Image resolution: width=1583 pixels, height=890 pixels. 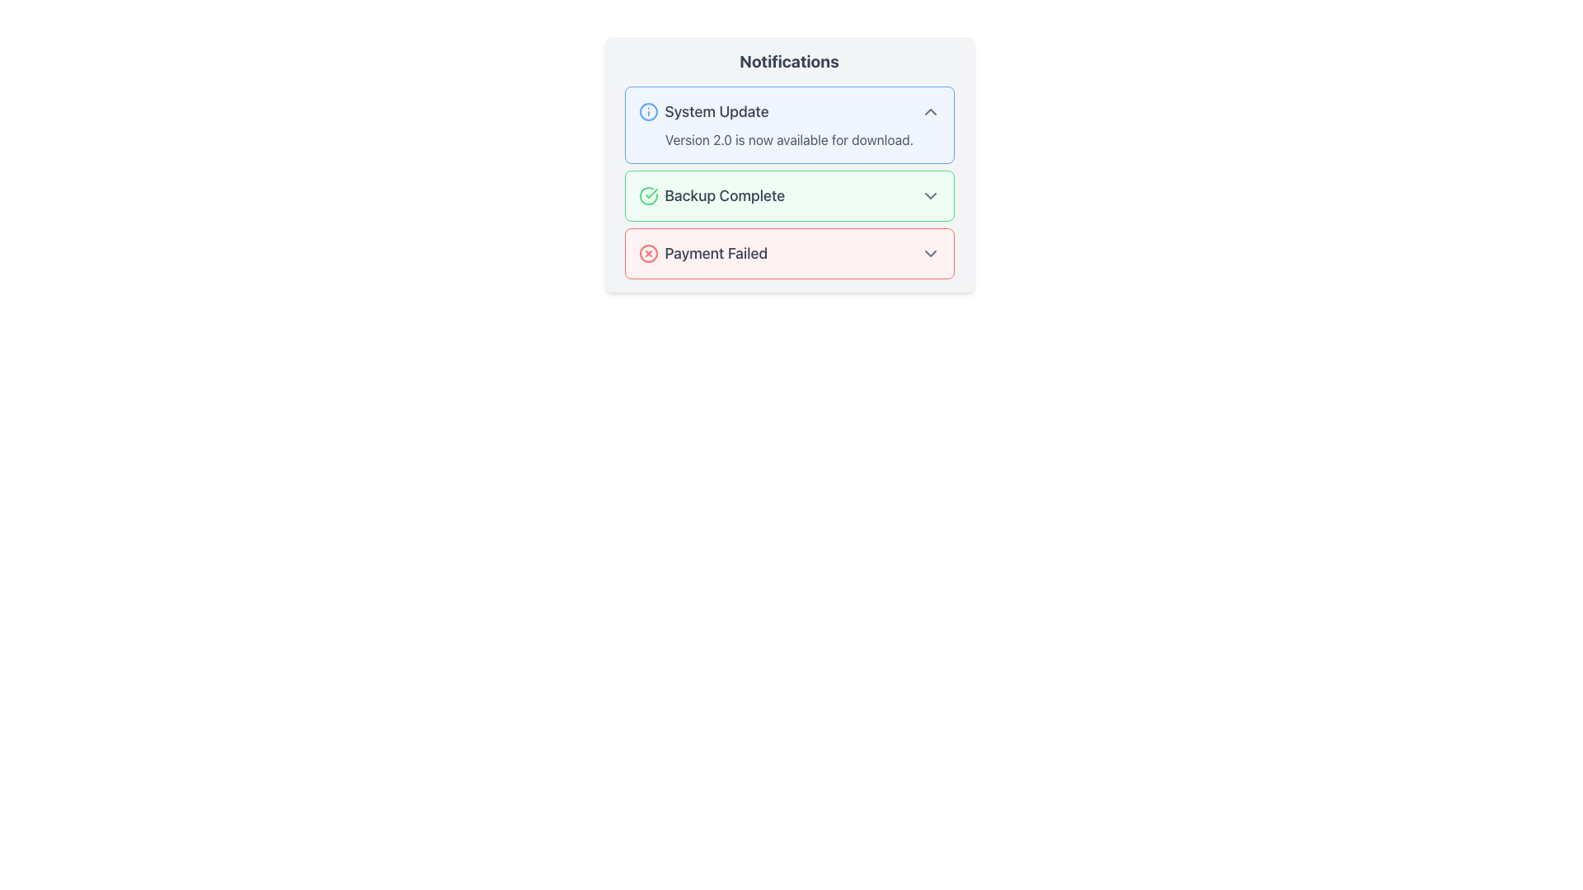 What do you see at coordinates (788, 254) in the screenshot?
I see `the Notification Card, which indicates a failed payment and is the third card in a vertical stack of notifications` at bounding box center [788, 254].